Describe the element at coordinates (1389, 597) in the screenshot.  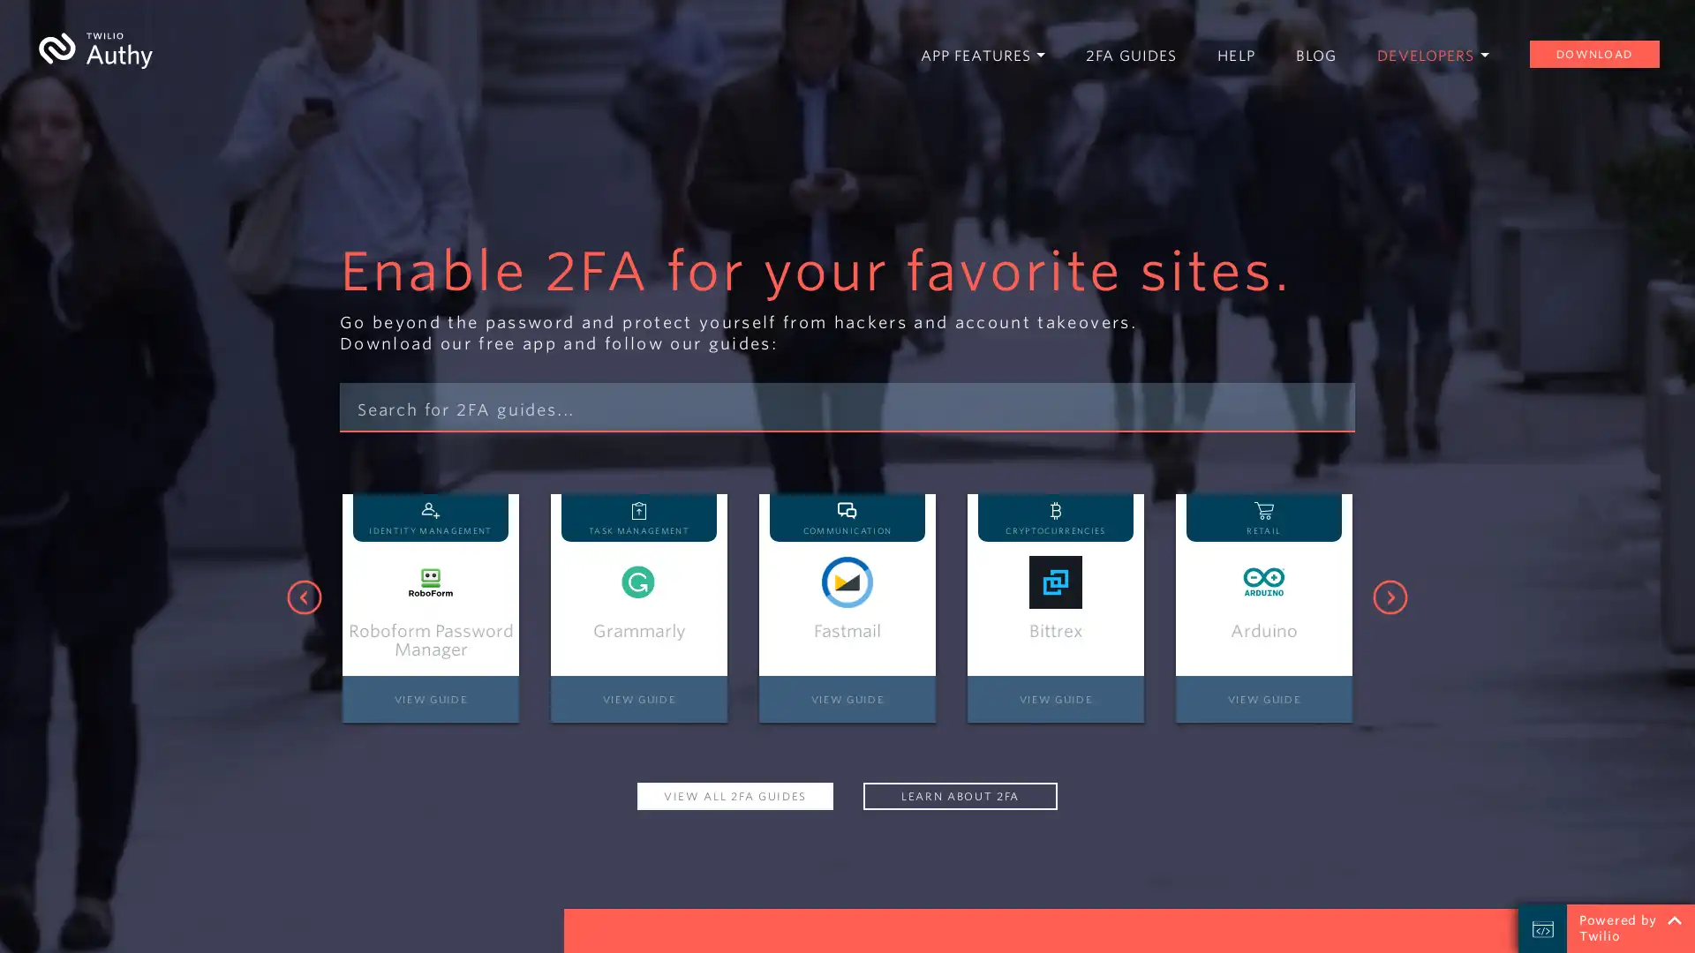
I see `Next` at that location.